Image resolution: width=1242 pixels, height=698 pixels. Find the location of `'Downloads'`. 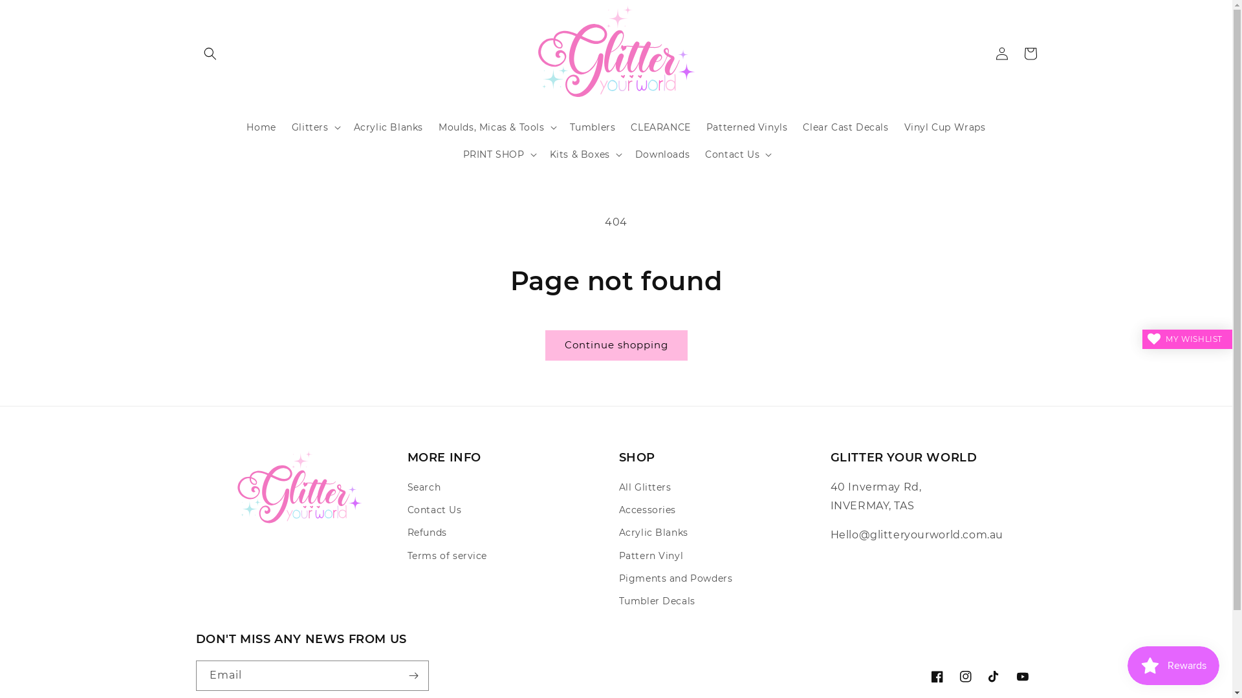

'Downloads' is located at coordinates (662, 154).